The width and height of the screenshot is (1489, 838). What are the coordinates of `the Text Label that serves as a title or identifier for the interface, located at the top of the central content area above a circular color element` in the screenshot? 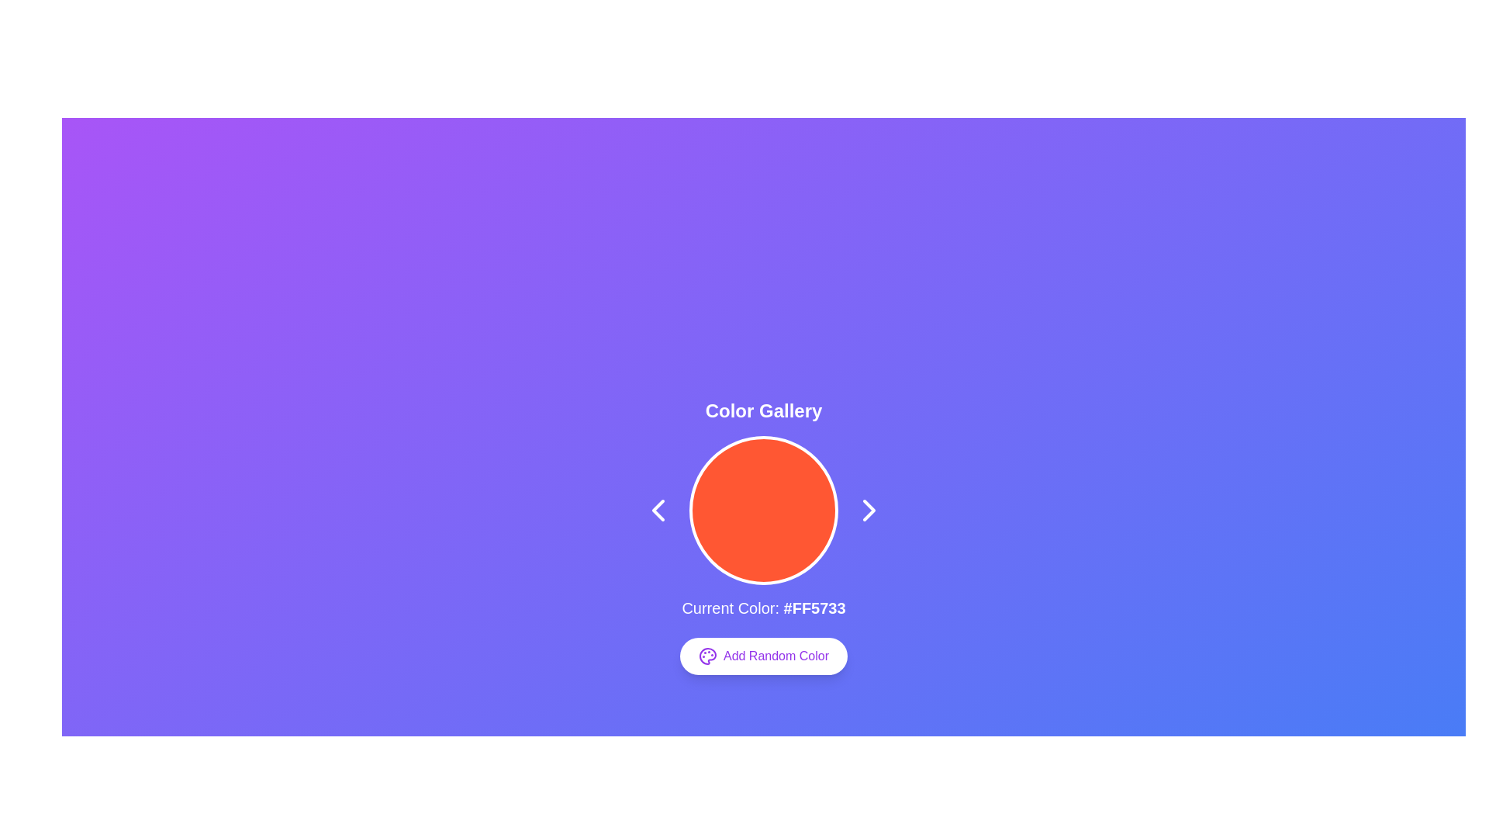 It's located at (763, 410).